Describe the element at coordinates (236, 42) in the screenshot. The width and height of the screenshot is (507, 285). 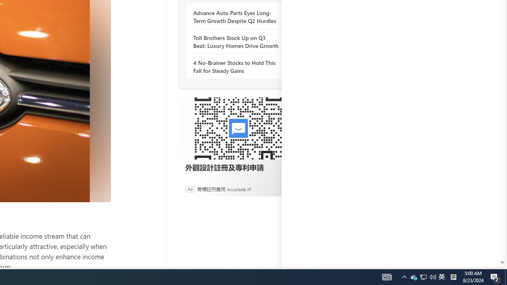
I see `'Toll Brothers Stock Up on Q3 Beat: Luxury Homes Drive Growth'` at that location.